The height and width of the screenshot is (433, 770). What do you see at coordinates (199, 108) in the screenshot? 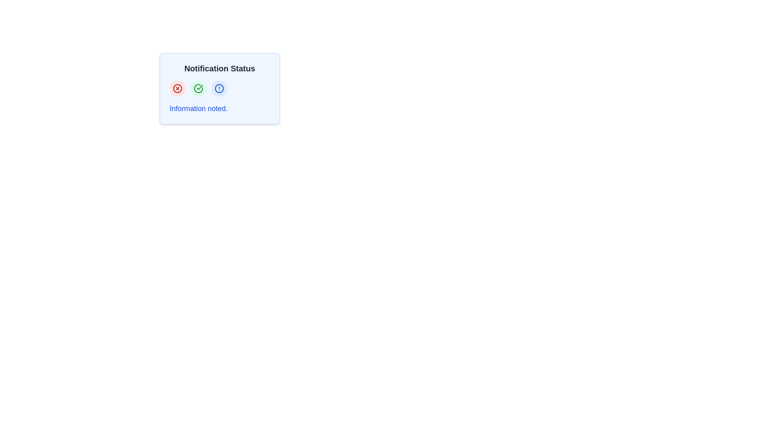
I see `the informational feedback static text located below the sequence of three circular icons within the 'Notification Status' box` at bounding box center [199, 108].